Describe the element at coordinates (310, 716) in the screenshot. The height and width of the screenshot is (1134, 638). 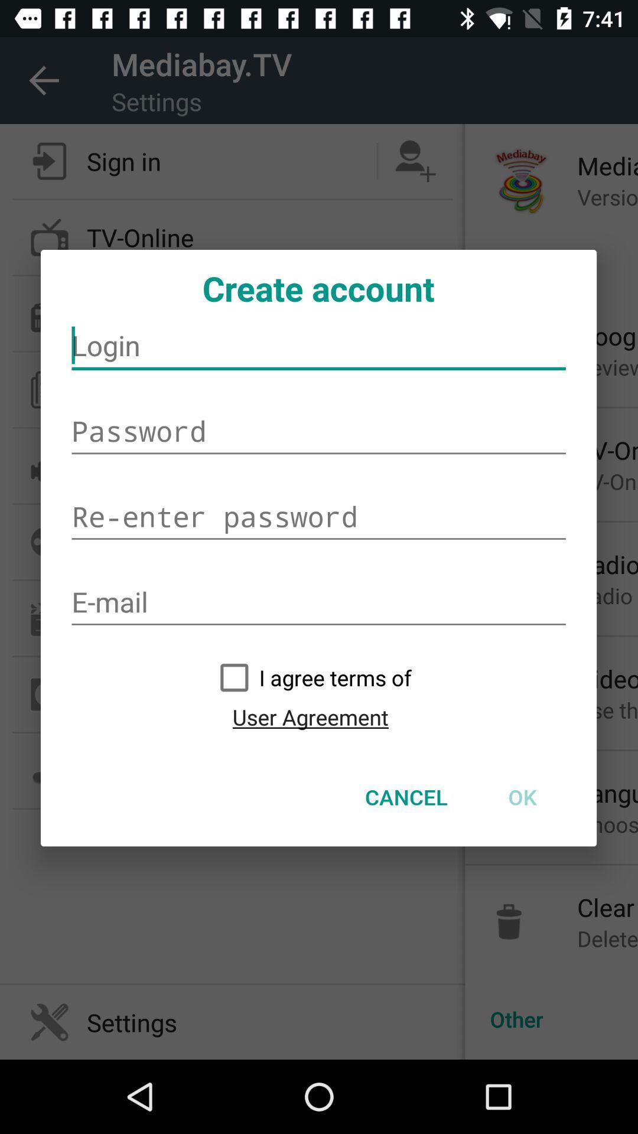
I see `the user agreement item` at that location.